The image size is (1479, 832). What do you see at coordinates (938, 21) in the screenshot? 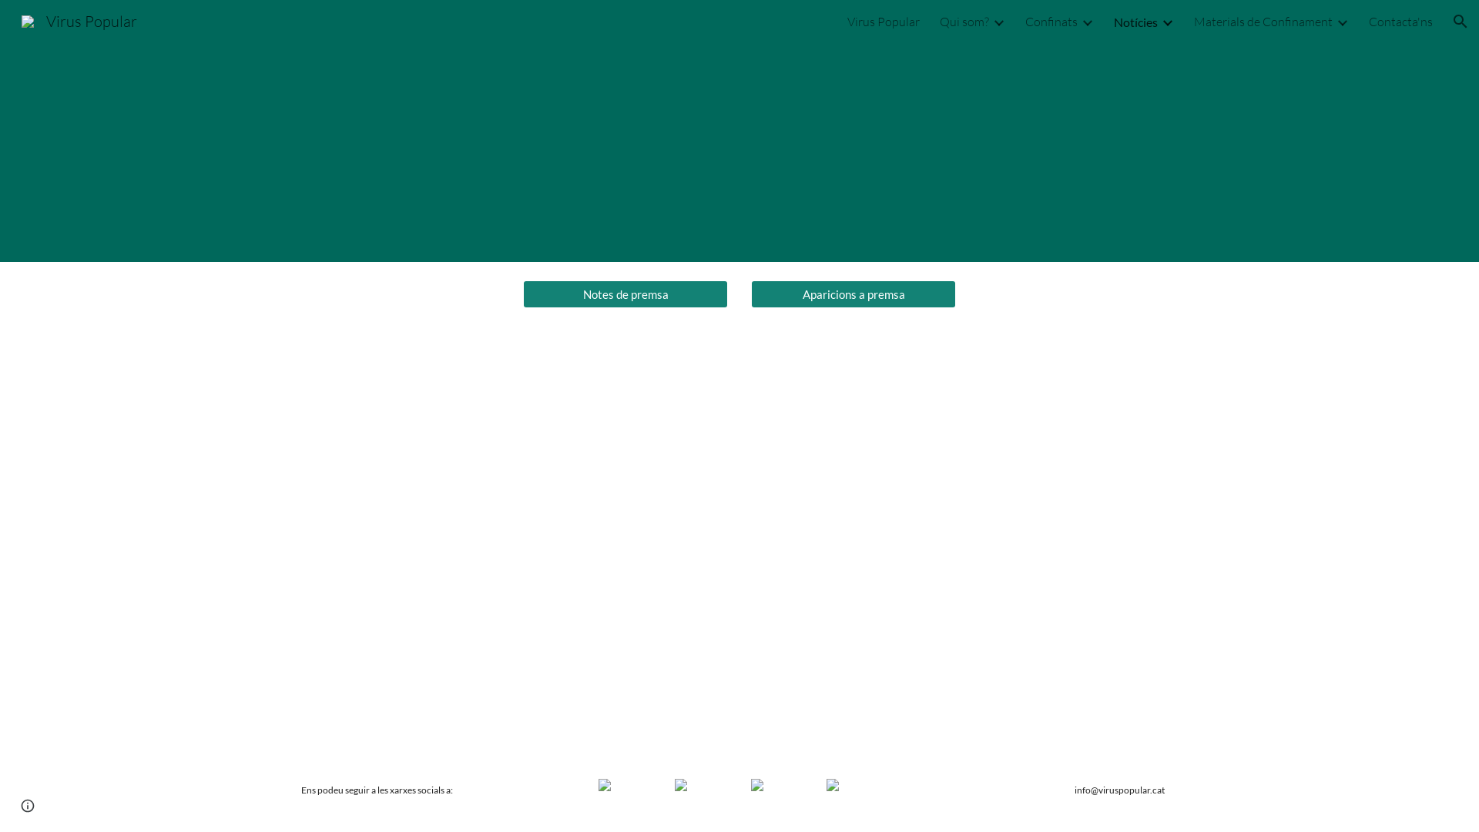
I see `'Qui som?'` at bounding box center [938, 21].